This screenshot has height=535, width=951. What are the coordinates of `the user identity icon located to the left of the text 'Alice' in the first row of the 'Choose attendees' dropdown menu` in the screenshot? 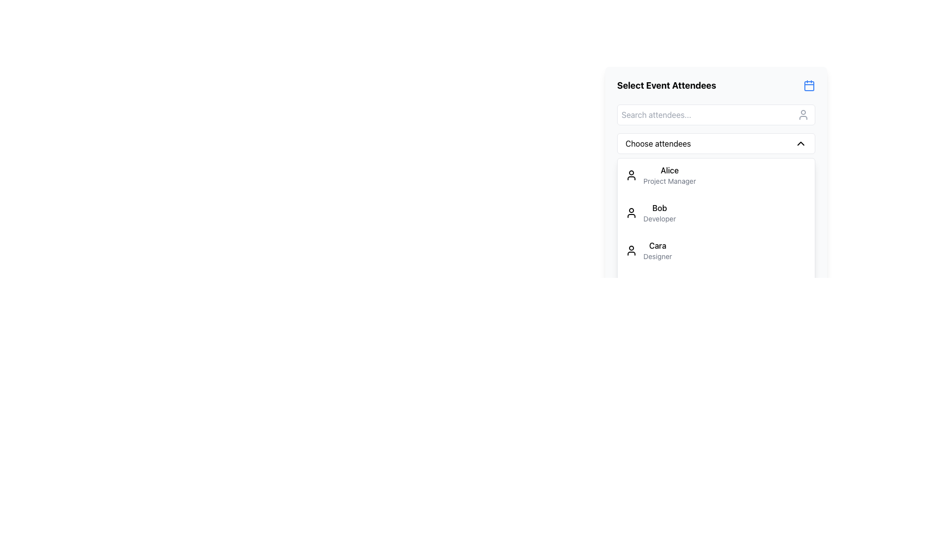 It's located at (631, 175).